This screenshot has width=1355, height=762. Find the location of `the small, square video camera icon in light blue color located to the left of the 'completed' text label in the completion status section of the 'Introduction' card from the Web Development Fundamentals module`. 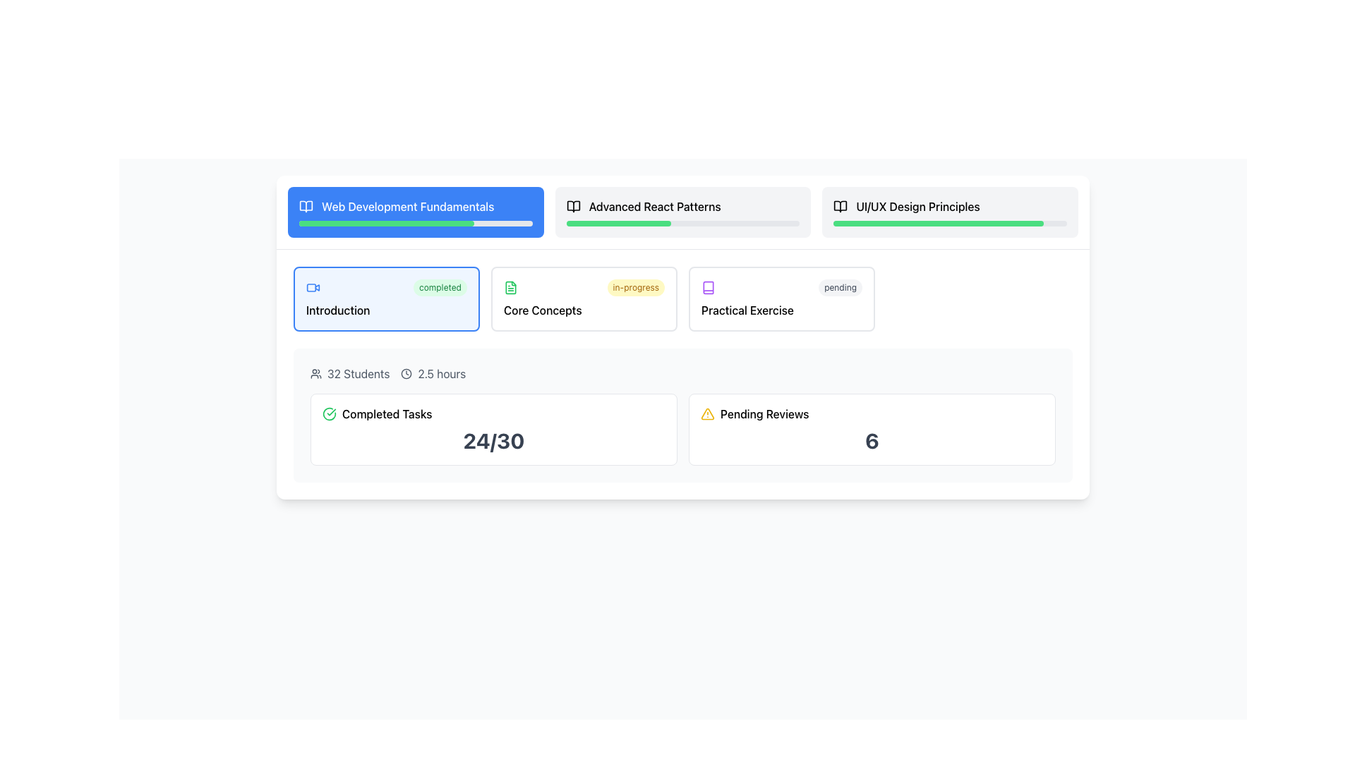

the small, square video camera icon in light blue color located to the left of the 'completed' text label in the completion status section of the 'Introduction' card from the Web Development Fundamentals module is located at coordinates (313, 287).